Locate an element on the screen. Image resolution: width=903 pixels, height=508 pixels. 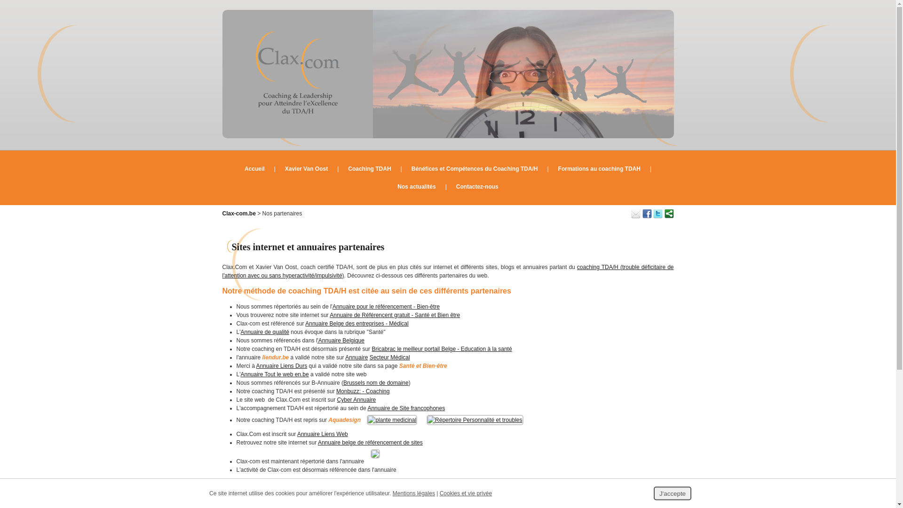
'Accueil' is located at coordinates (244, 168).